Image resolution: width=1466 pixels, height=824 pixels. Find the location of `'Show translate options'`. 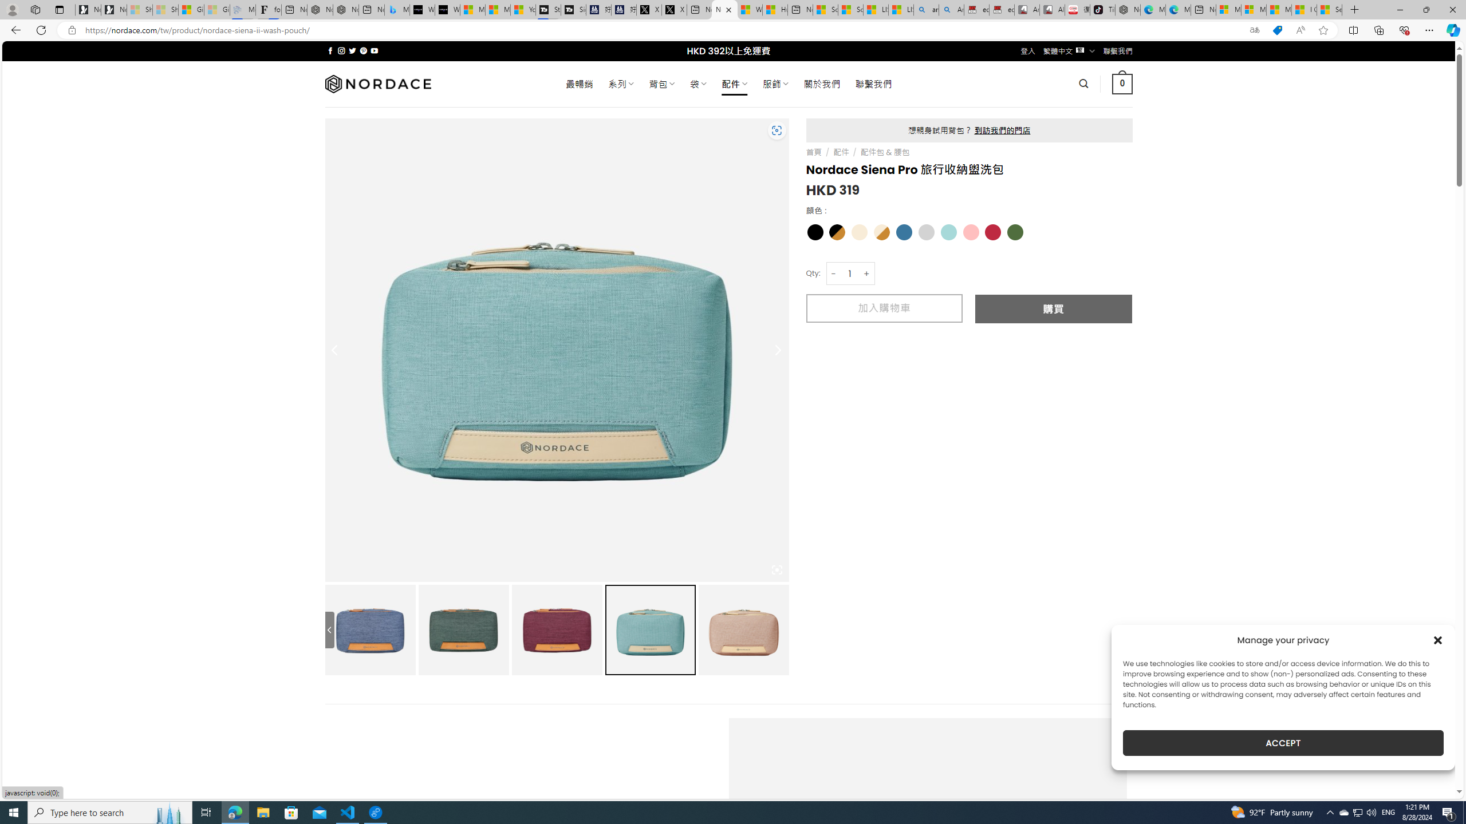

'Show translate options' is located at coordinates (1254, 30).